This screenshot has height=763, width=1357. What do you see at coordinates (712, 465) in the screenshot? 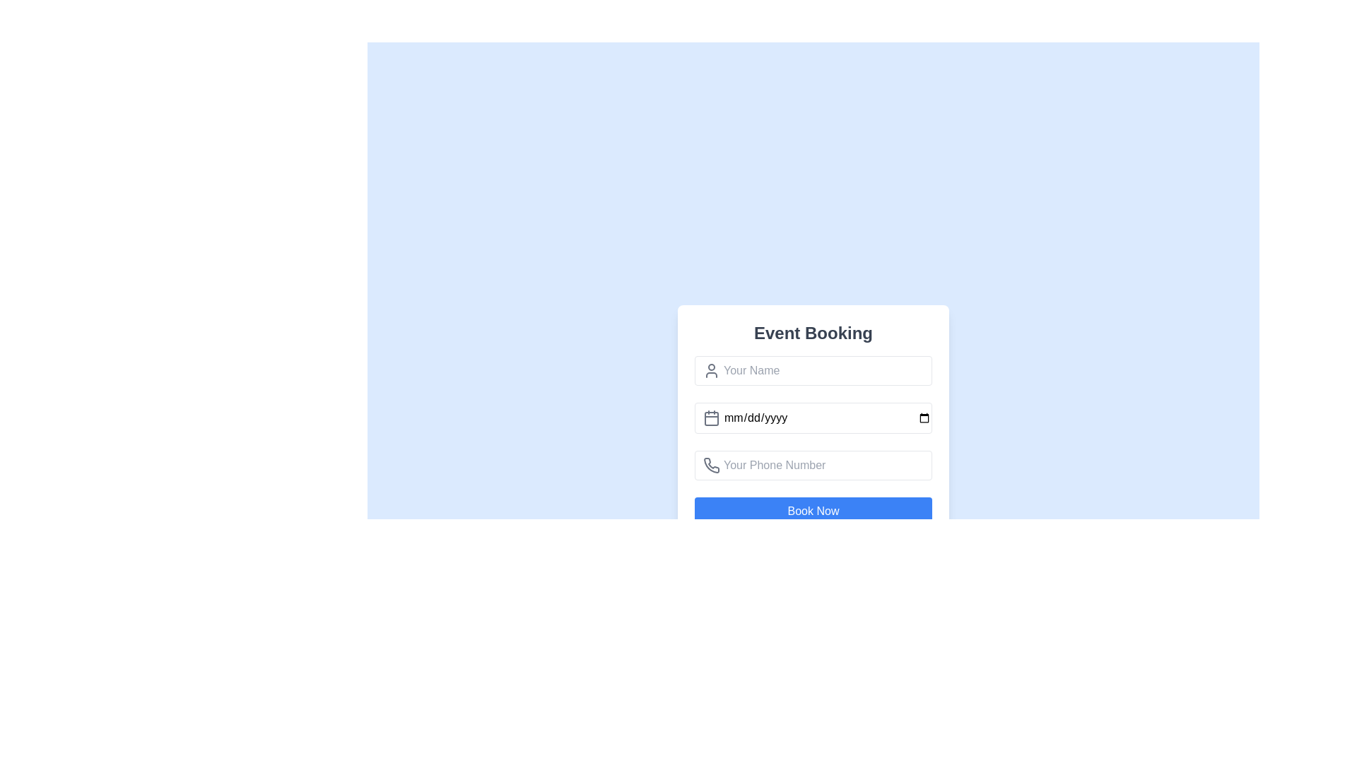
I see `the phone number icon located to the left of the phone number input field, which visually indicates that the field is for entering phone numbers` at bounding box center [712, 465].